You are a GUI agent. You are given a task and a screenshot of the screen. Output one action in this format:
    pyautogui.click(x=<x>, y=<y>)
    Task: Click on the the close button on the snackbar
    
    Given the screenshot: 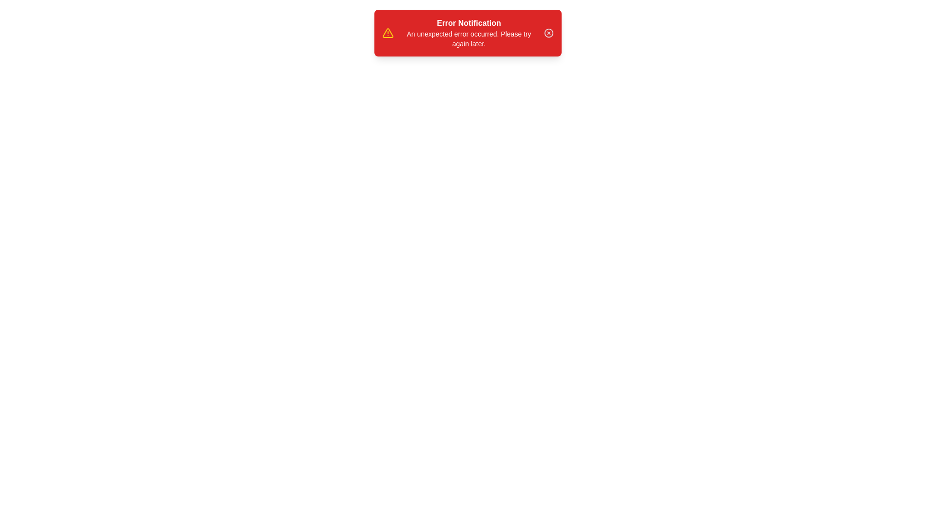 What is the action you would take?
    pyautogui.click(x=549, y=33)
    